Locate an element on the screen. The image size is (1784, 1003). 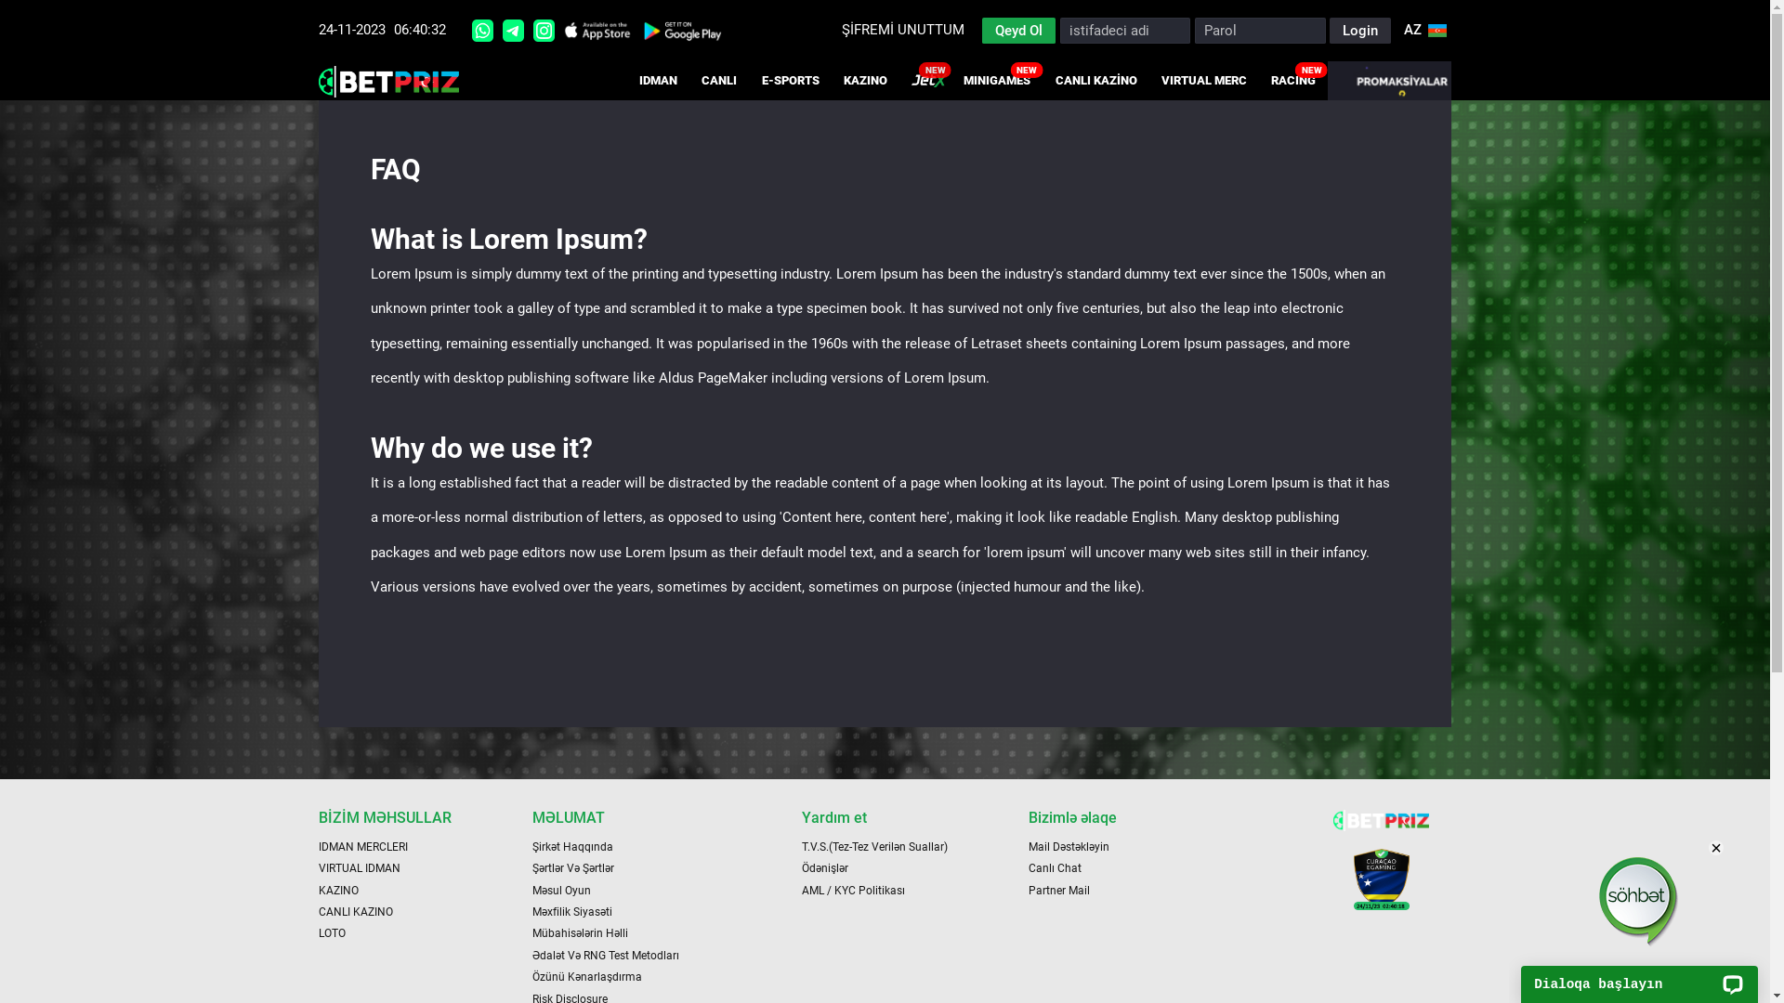
'PROMAKSIYALAR' is located at coordinates (1389, 80).